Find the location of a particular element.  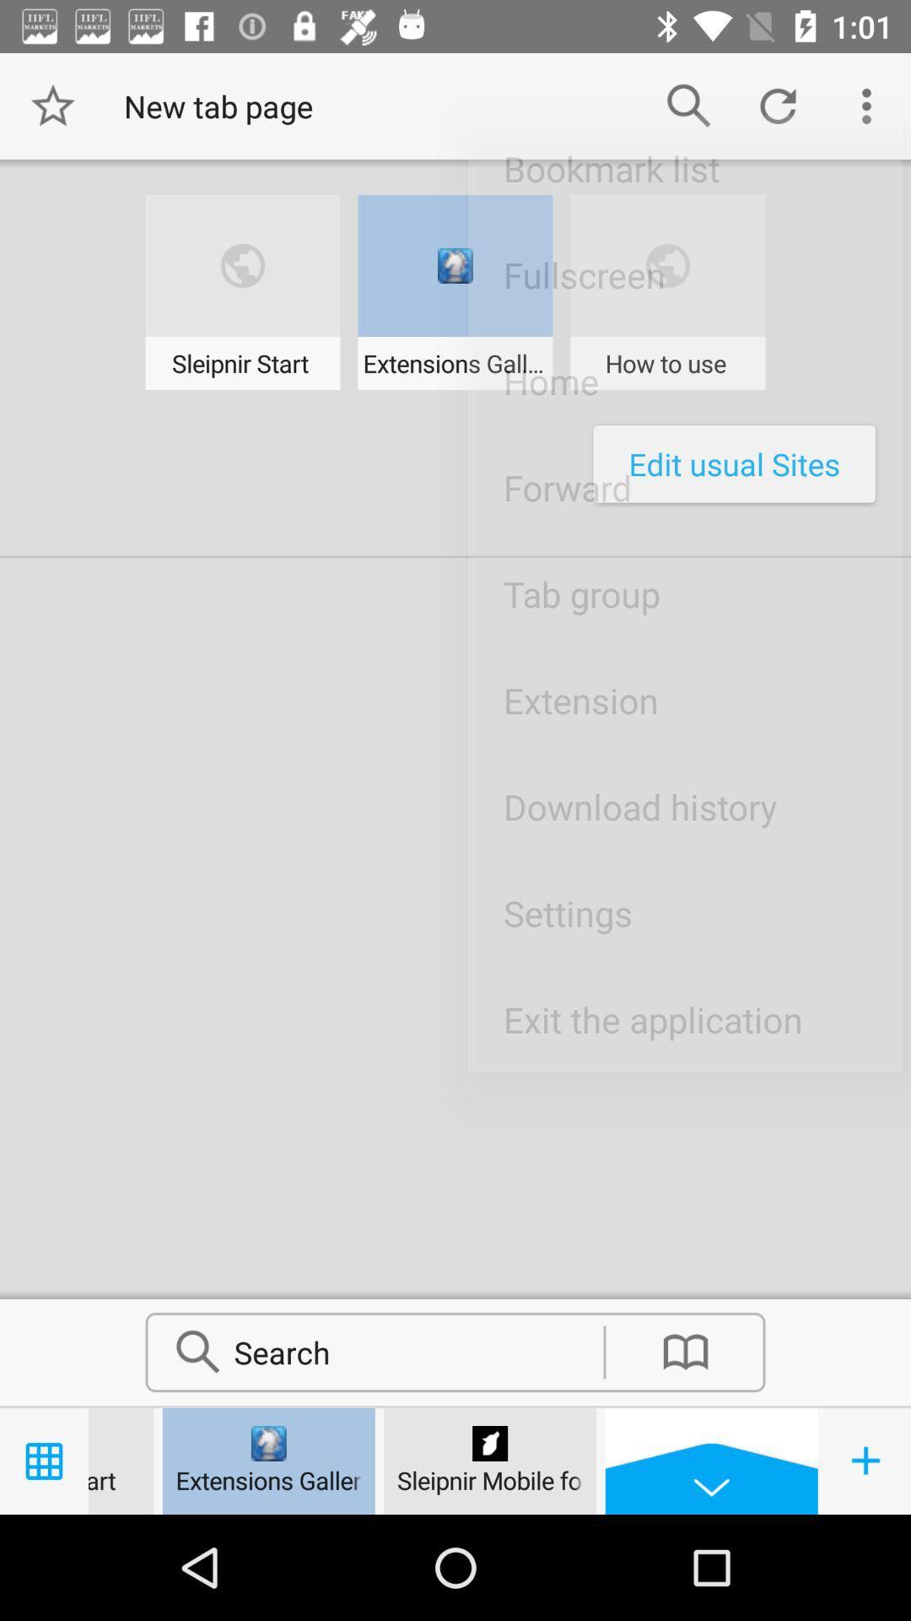

the book icon is located at coordinates (686, 1353).